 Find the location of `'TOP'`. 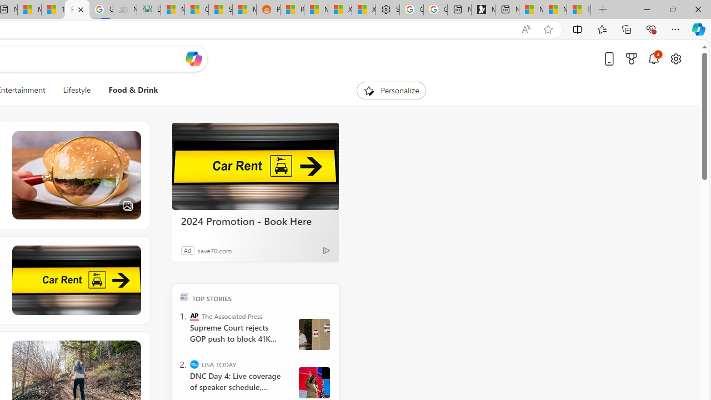

'TOP' is located at coordinates (184, 296).